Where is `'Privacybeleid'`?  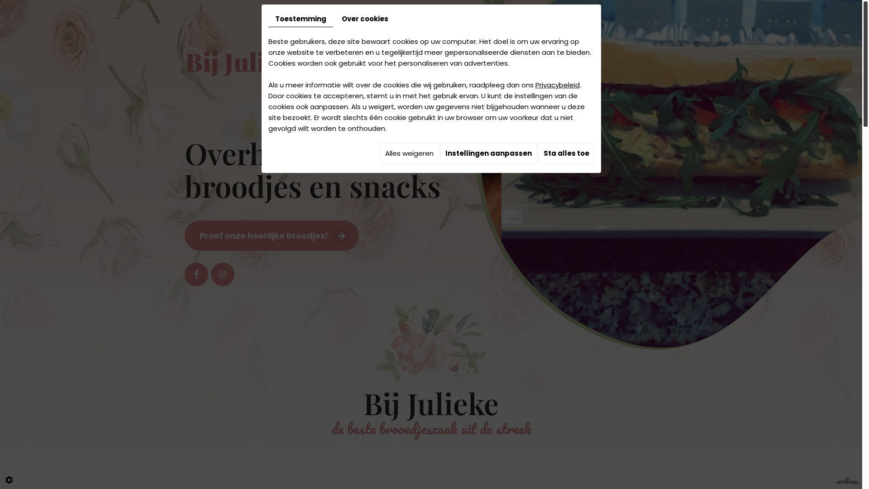 'Privacybeleid' is located at coordinates (556, 85).